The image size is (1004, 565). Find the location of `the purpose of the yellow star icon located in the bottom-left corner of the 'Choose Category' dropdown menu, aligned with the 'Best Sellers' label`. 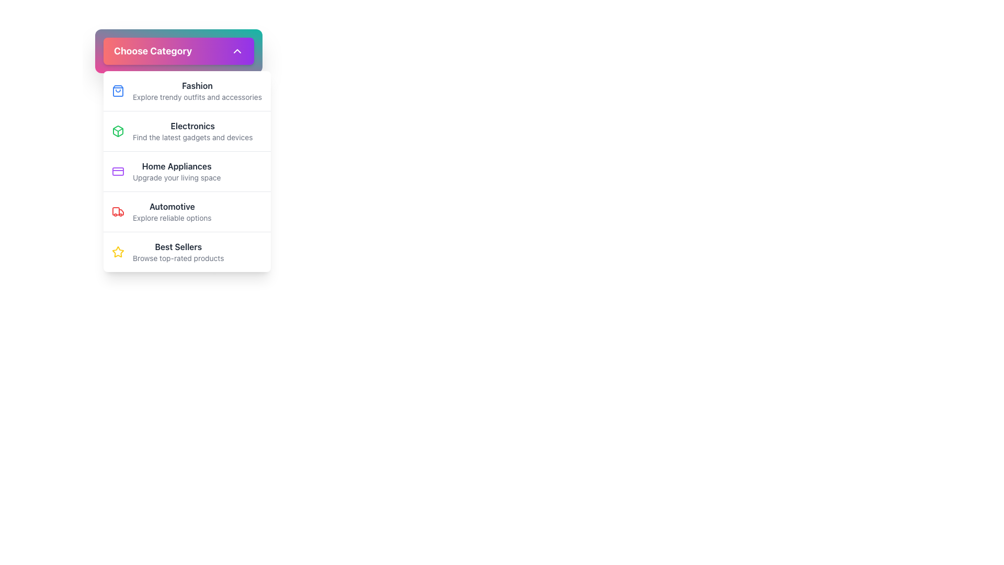

the purpose of the yellow star icon located in the bottom-left corner of the 'Choose Category' dropdown menu, aligned with the 'Best Sellers' label is located at coordinates (118, 252).